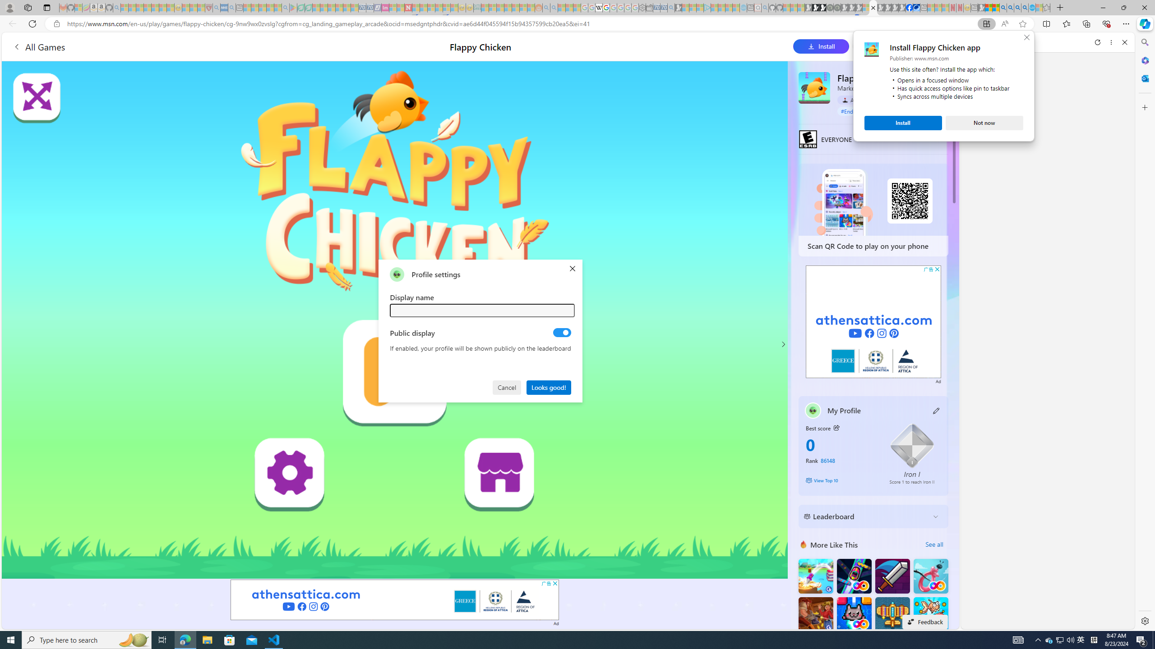 The image size is (1155, 649). Describe the element at coordinates (549, 386) in the screenshot. I see `'Looks good!'` at that location.